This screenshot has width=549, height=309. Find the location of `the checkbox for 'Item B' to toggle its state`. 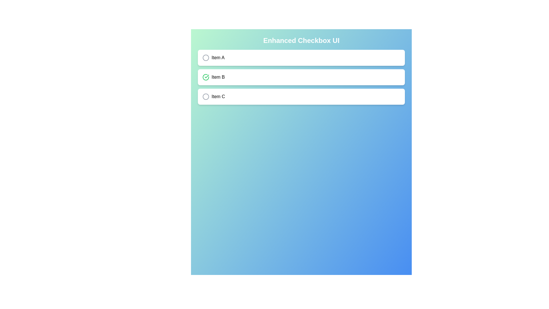

the checkbox for 'Item B' to toggle its state is located at coordinates (206, 77).